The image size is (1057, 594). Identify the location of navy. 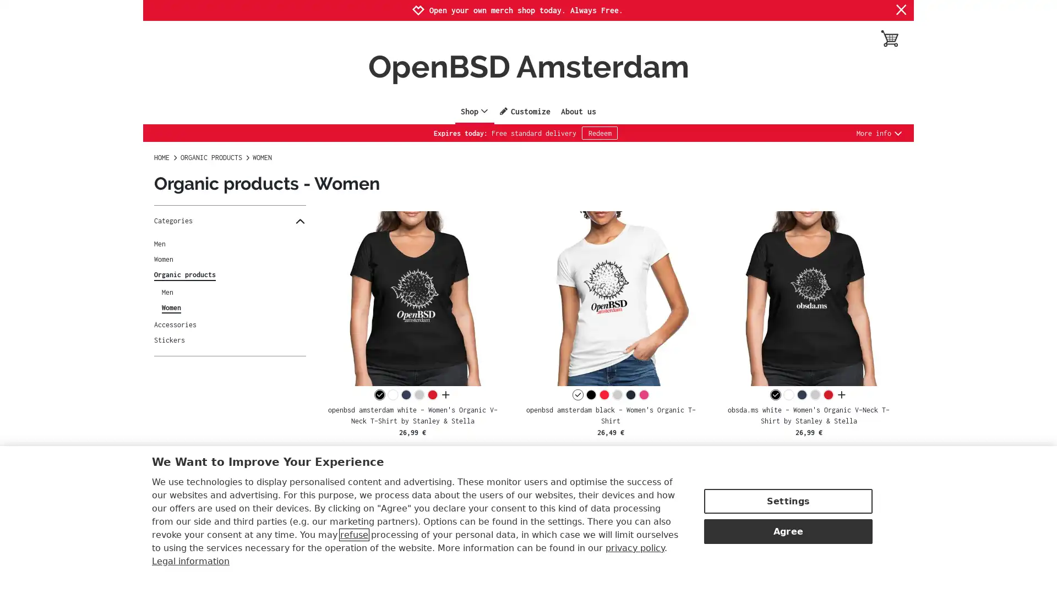
(630, 394).